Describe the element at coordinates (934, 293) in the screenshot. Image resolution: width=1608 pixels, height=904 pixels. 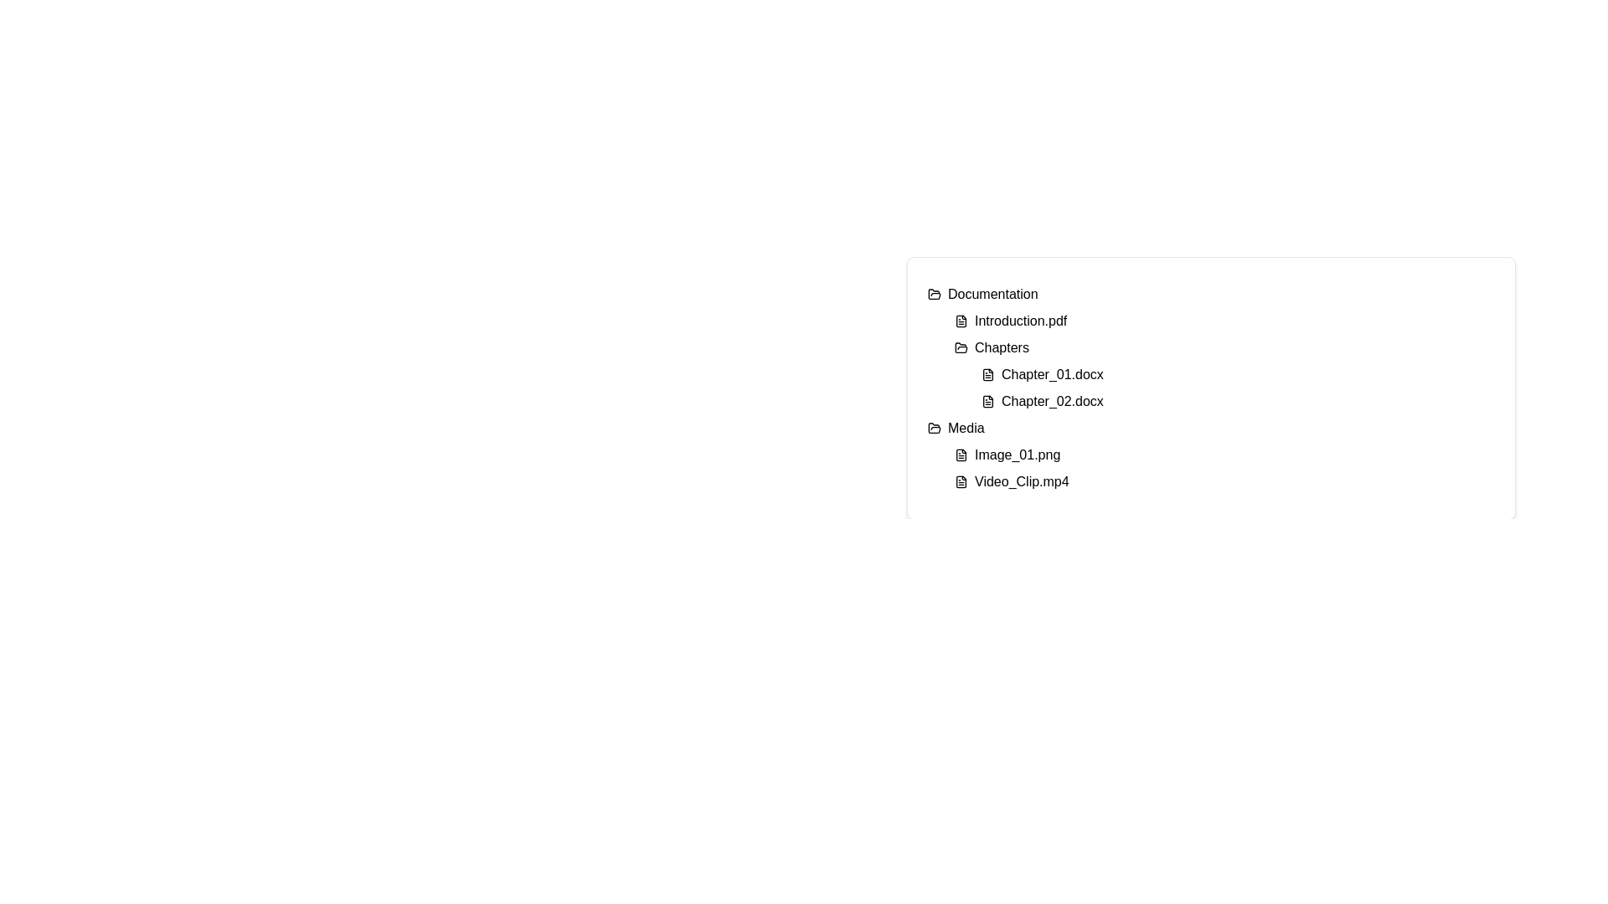
I see `the graphical folder icon representing the 'Documentation' folder` at that location.